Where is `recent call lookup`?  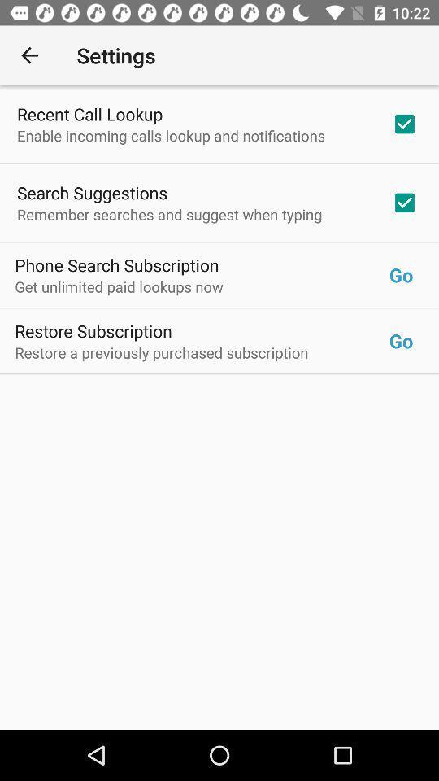 recent call lookup is located at coordinates (89, 113).